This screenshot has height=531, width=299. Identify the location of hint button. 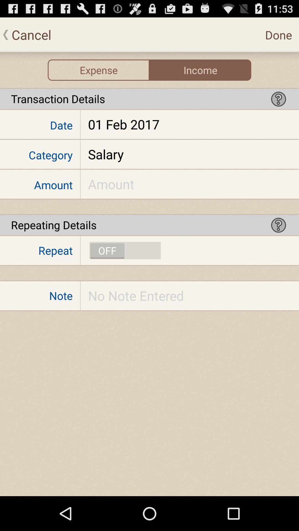
(279, 99).